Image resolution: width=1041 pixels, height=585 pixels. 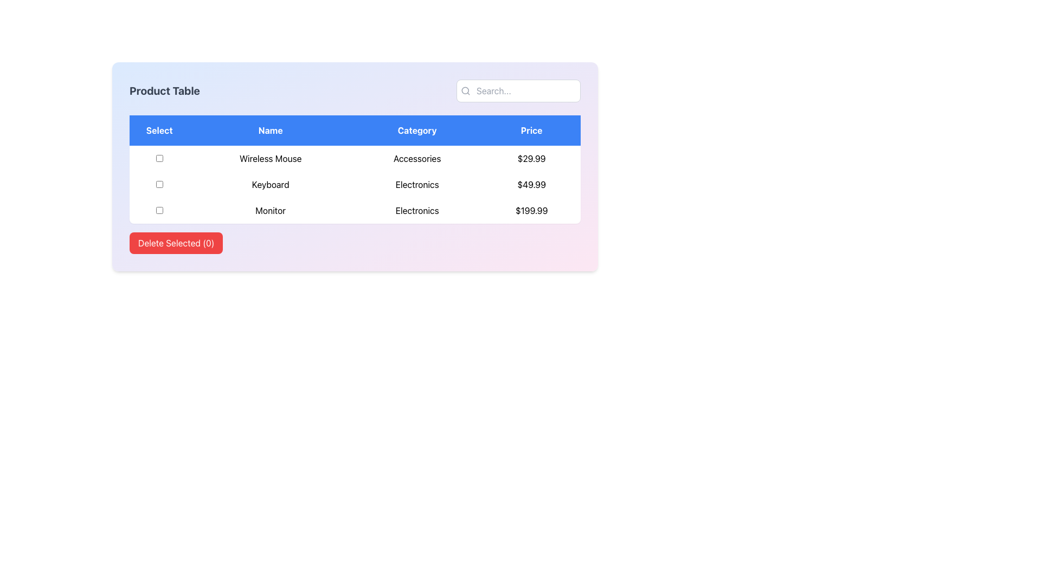 What do you see at coordinates (416, 159) in the screenshot?
I see `the text label displaying 'Accessories' in the 'Category' column of the first row in the table layout` at bounding box center [416, 159].